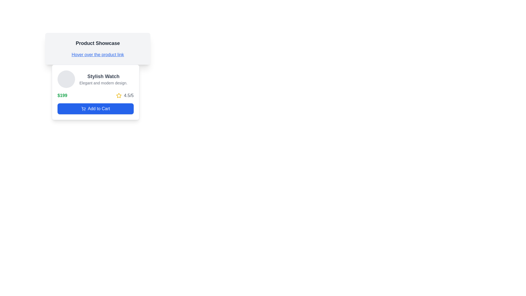 This screenshot has height=296, width=526. Describe the element at coordinates (96, 109) in the screenshot. I see `the 'Add to Cart' button located at the bottom of the 'Stylish Watch' product card` at that location.